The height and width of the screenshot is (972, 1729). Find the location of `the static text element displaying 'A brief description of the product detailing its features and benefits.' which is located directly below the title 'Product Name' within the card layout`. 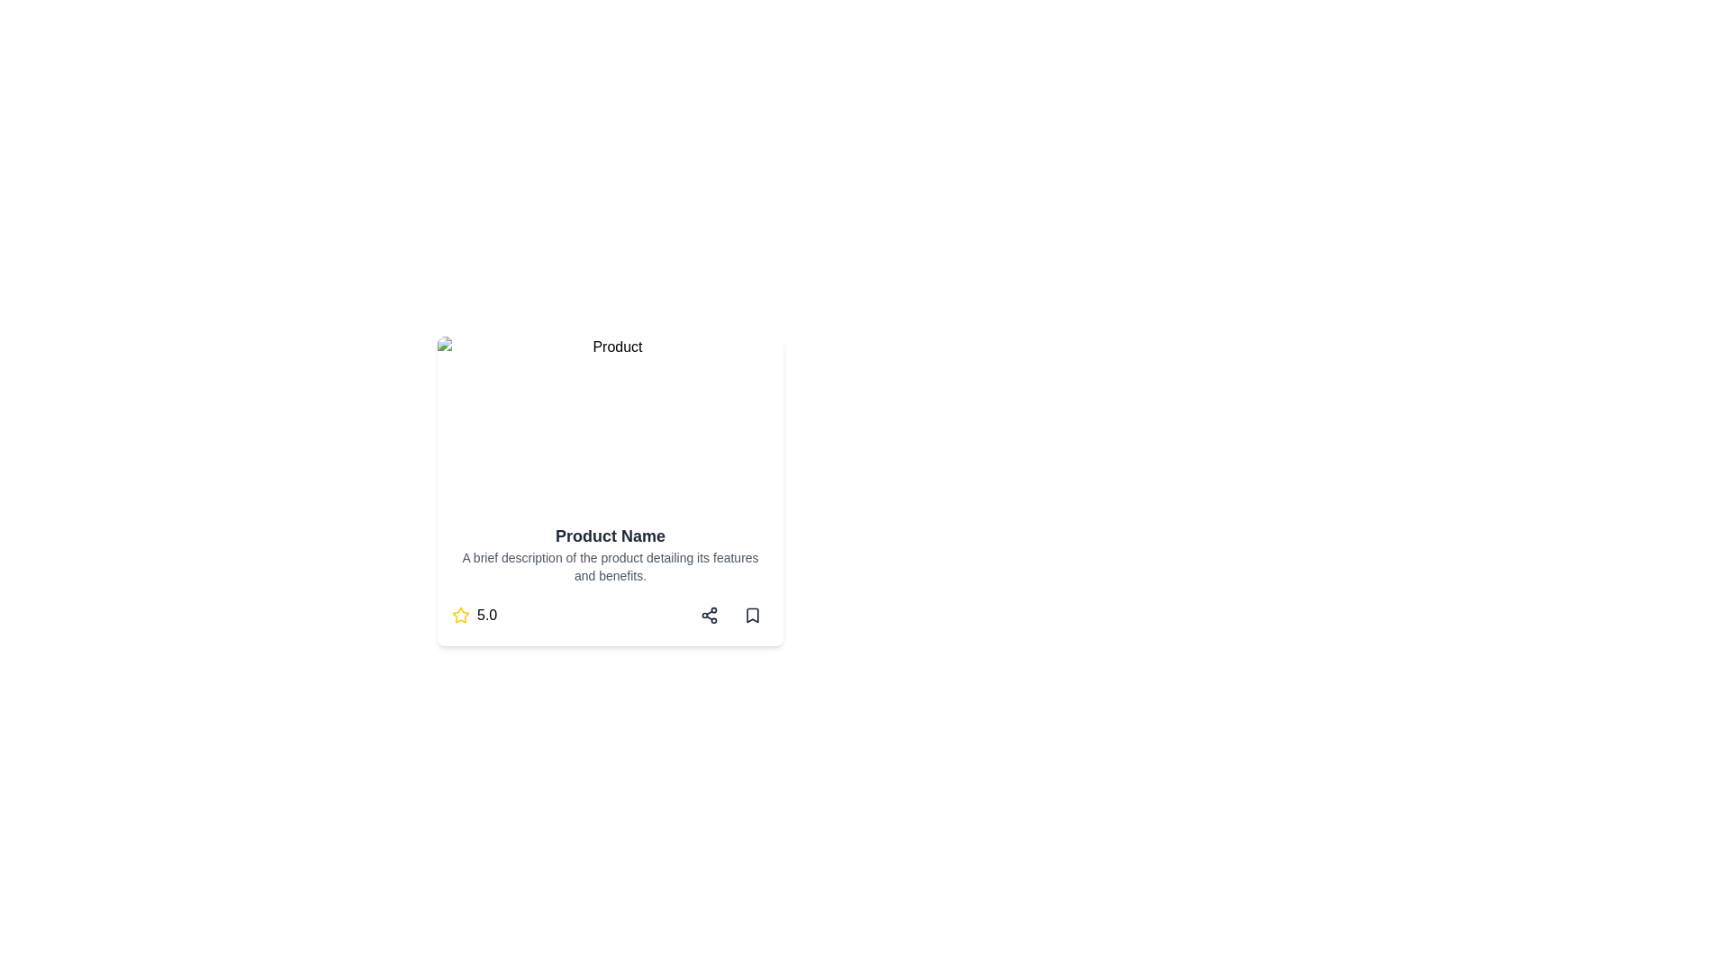

the static text element displaying 'A brief description of the product detailing its features and benefits.' which is located directly below the title 'Product Name' within the card layout is located at coordinates (610, 565).